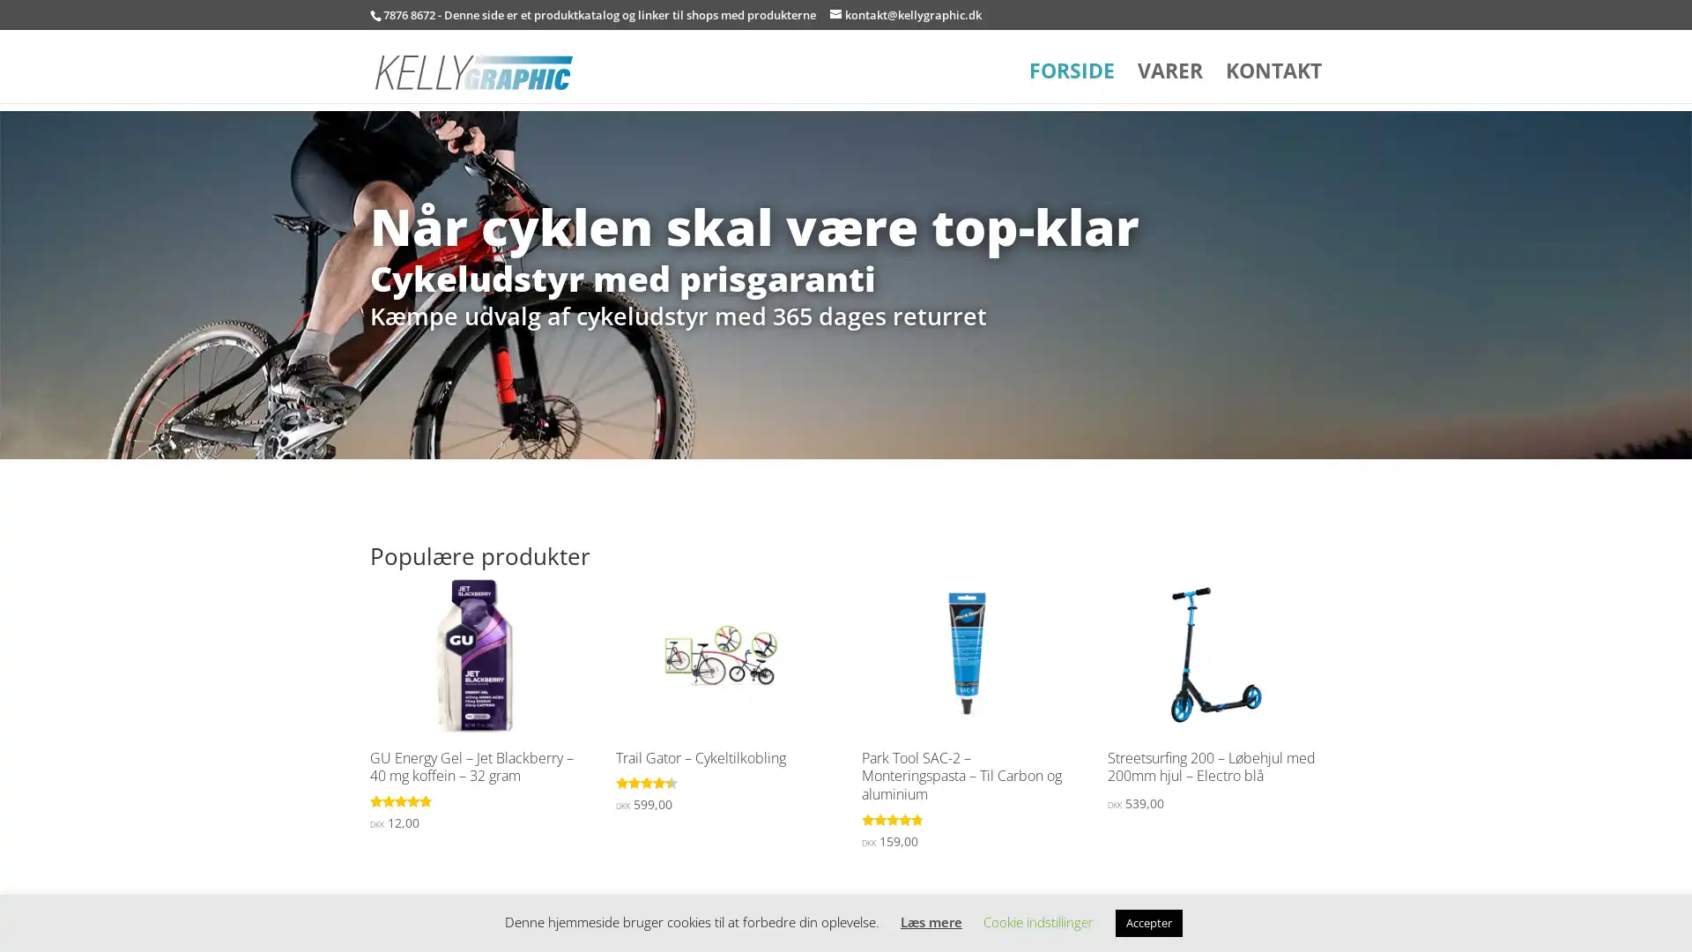 The height and width of the screenshot is (952, 1692). Describe the element at coordinates (1149, 922) in the screenshot. I see `Accepter` at that location.